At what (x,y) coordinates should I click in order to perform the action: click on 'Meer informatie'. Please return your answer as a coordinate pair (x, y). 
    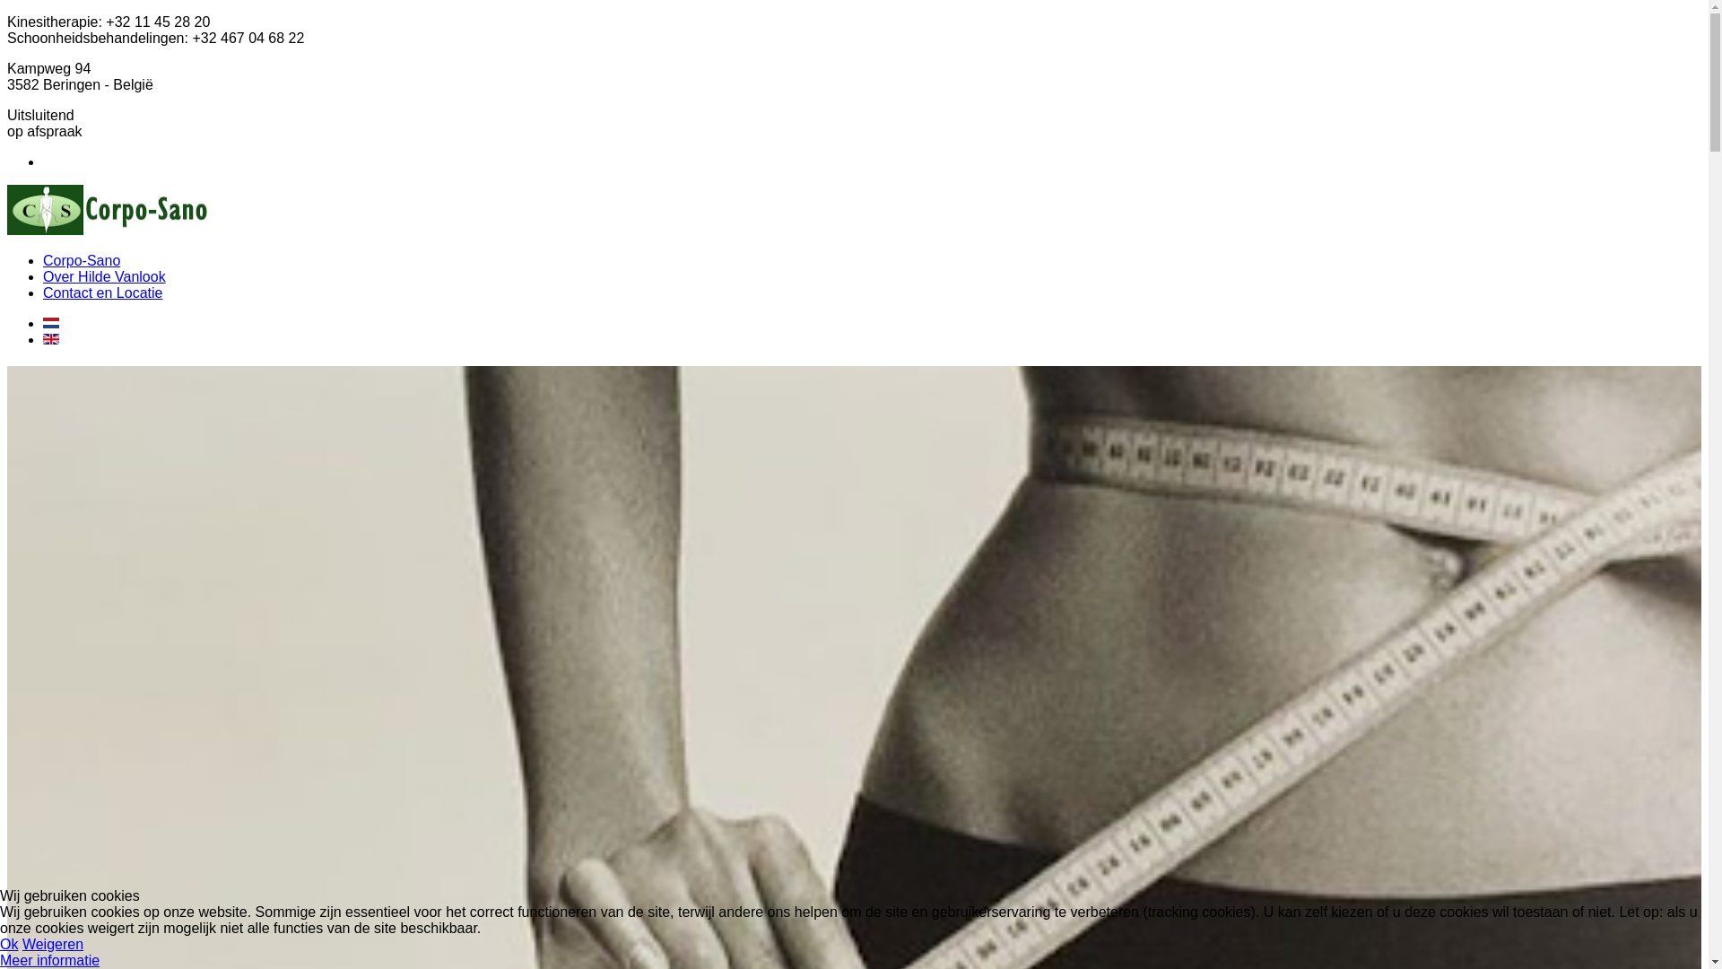
    Looking at the image, I should click on (49, 959).